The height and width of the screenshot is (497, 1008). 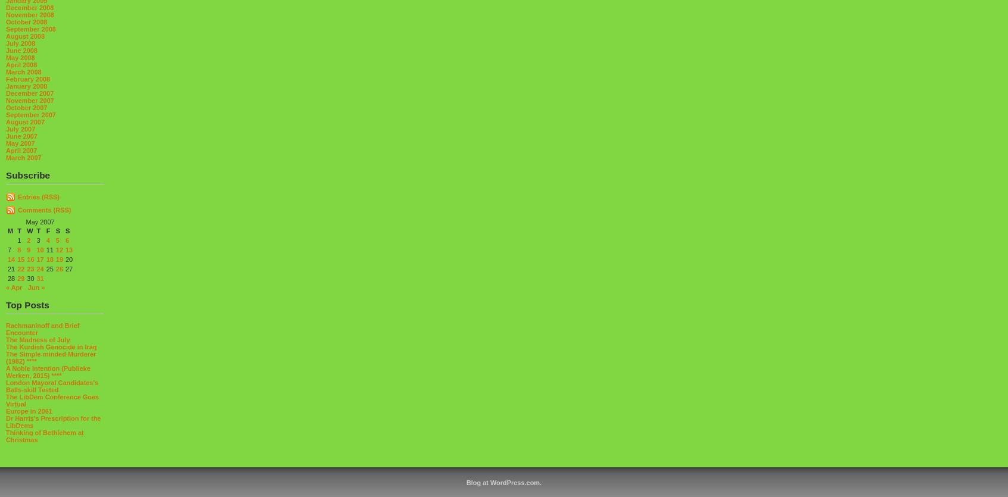 I want to click on '4', so click(x=48, y=239).